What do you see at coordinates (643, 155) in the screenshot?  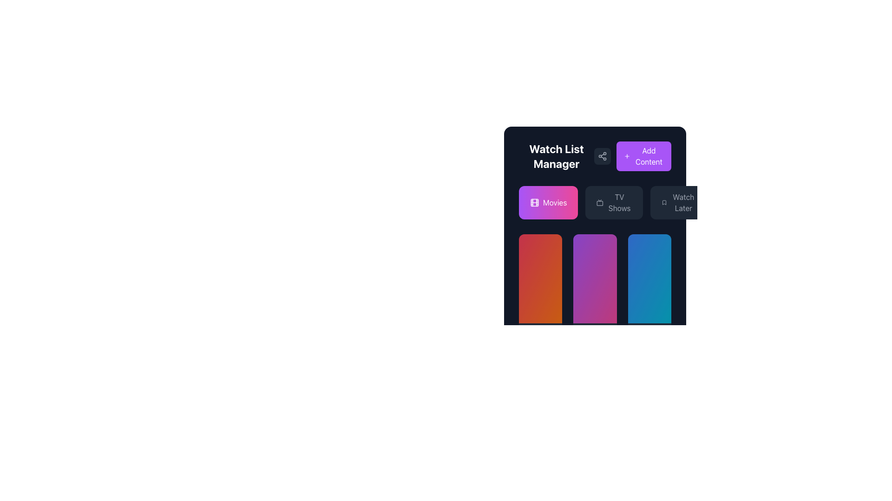 I see `the 'Add Content' button, which is a purple button with white text and a plus icon, located under 'Watch List Manager'` at bounding box center [643, 155].